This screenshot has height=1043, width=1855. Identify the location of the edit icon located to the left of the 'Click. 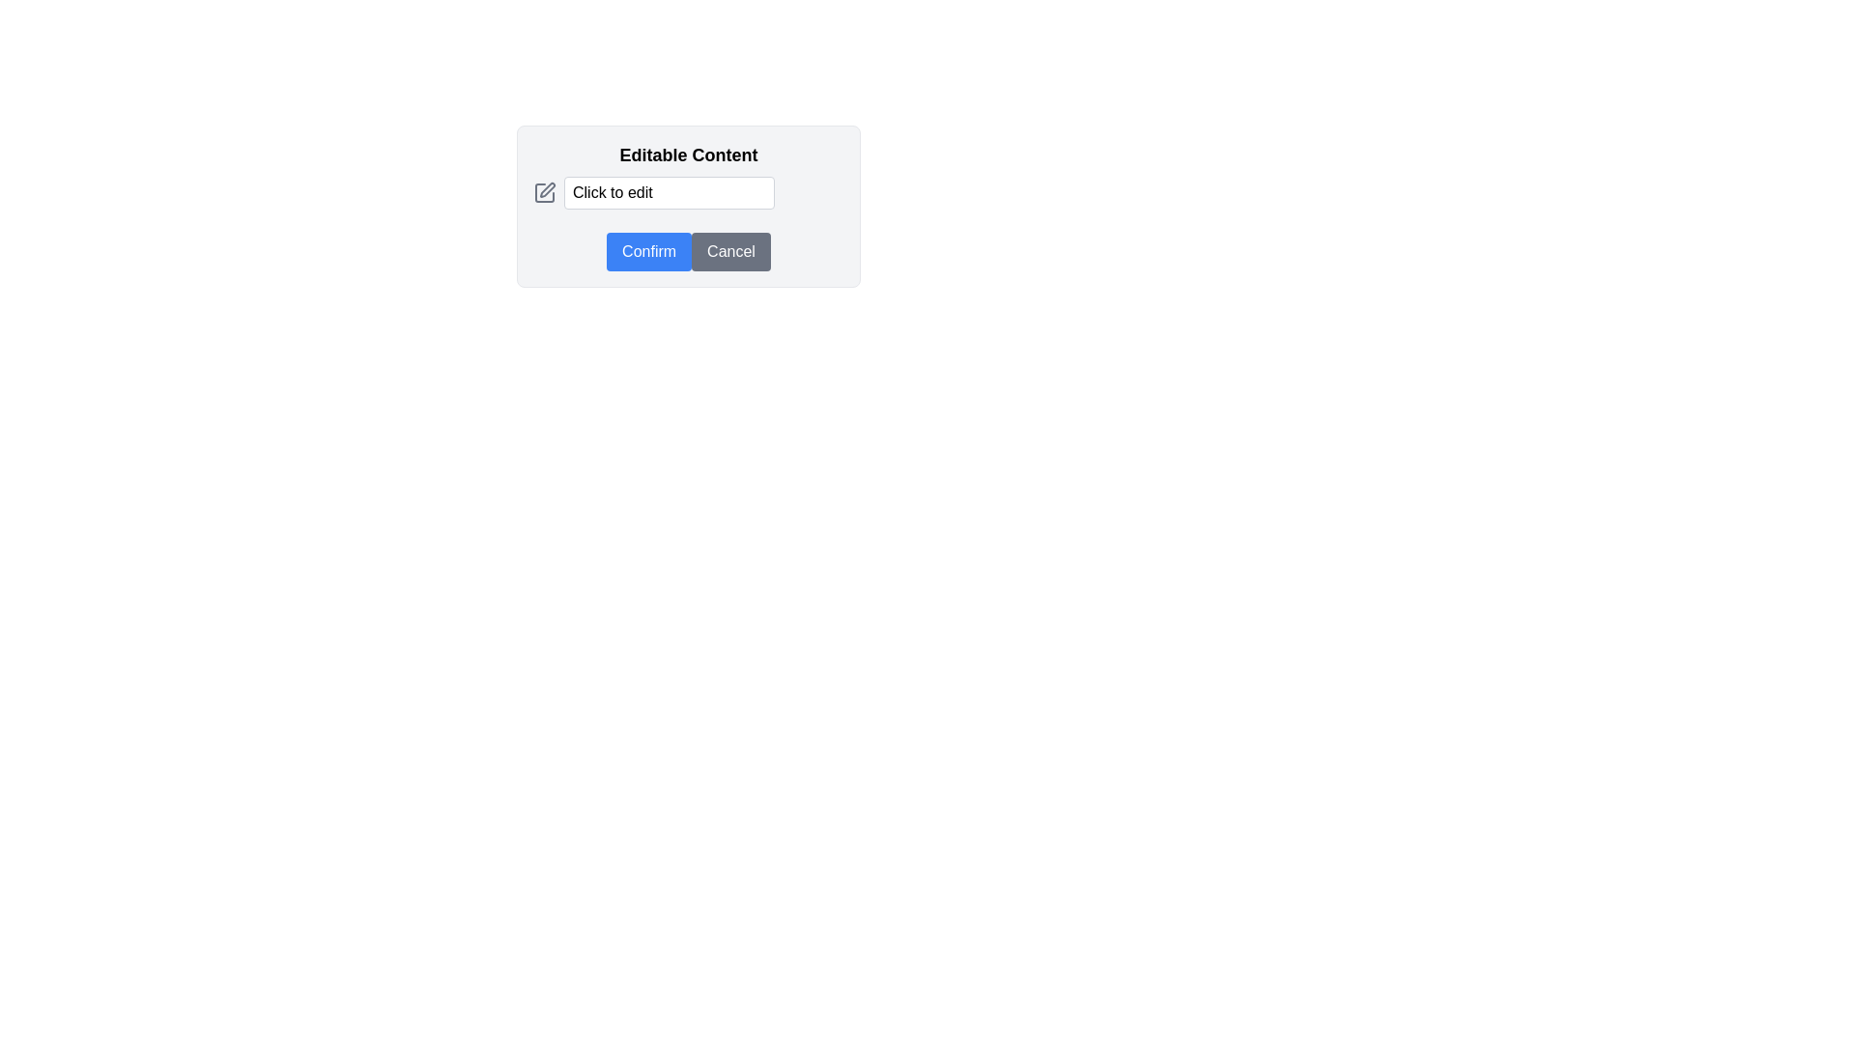
(546, 189).